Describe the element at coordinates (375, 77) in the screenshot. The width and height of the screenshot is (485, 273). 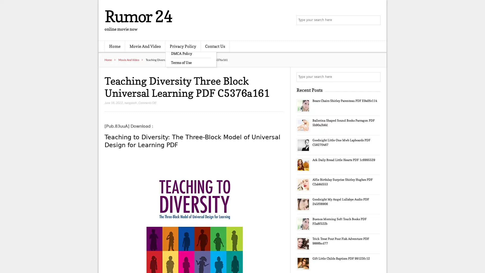
I see `Search` at that location.